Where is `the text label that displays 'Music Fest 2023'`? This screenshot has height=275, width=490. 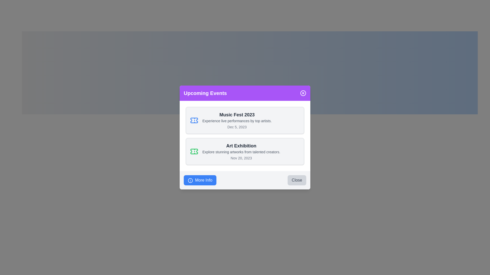 the text label that displays 'Music Fest 2023' is located at coordinates (237, 115).